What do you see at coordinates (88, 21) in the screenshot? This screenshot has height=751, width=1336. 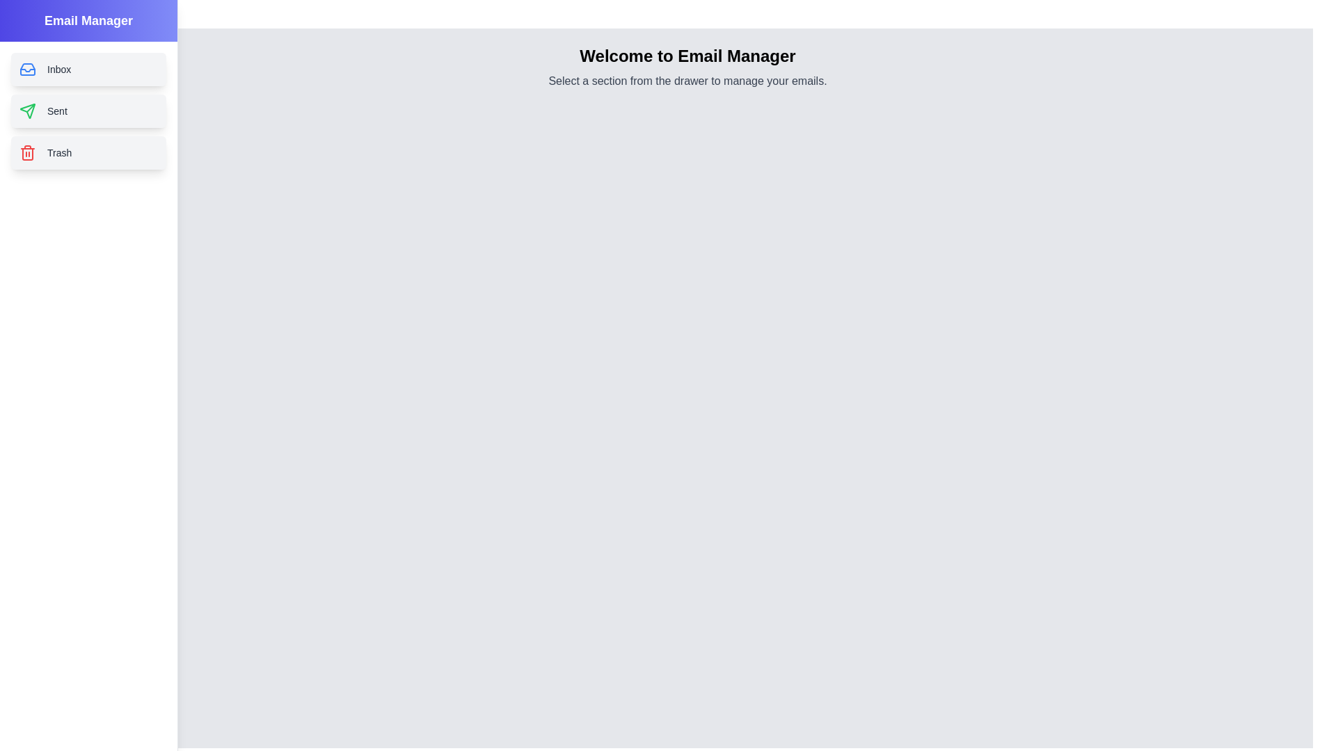 I see `the header text 'Email Manager' to interact` at bounding box center [88, 21].